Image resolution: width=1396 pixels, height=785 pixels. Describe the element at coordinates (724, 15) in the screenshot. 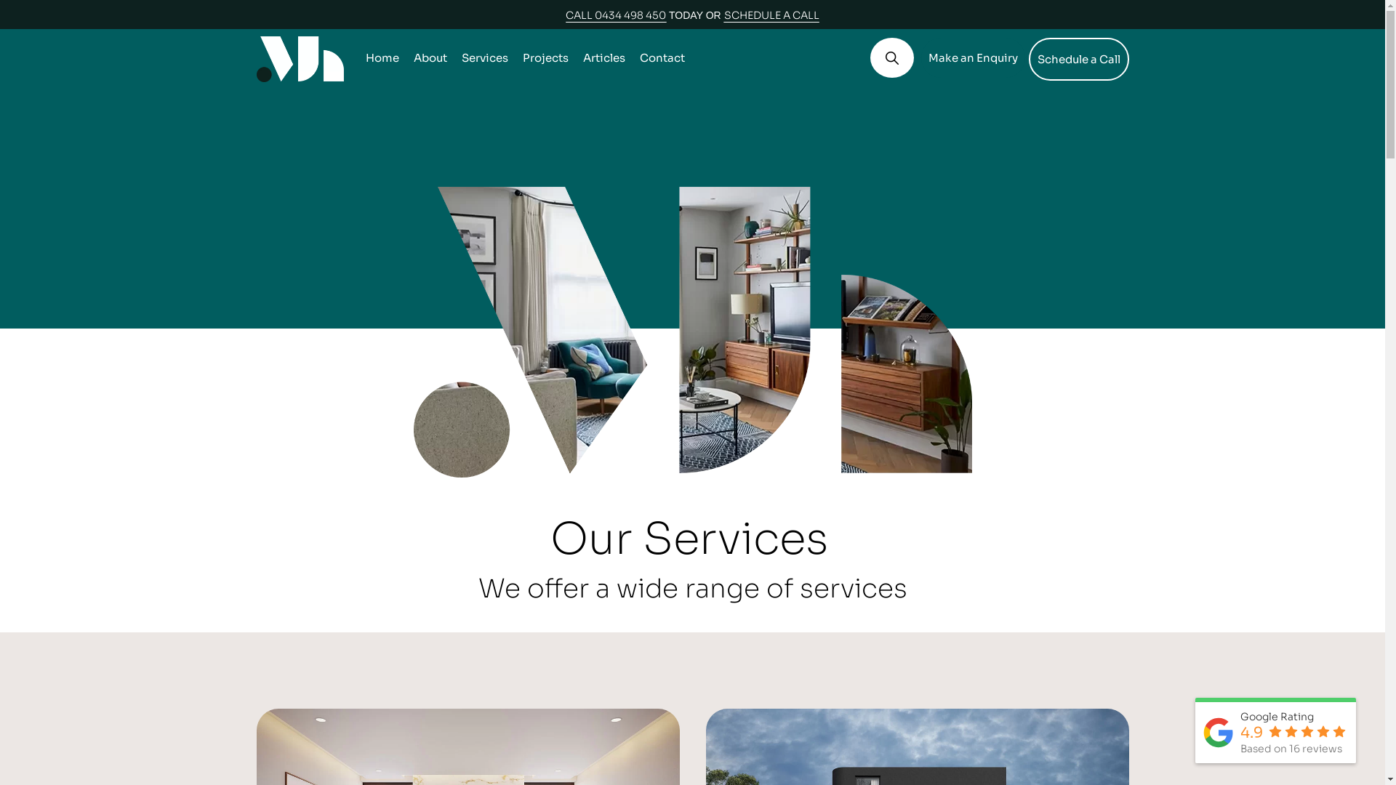

I see `'SCHEDULE A CALL'` at that location.